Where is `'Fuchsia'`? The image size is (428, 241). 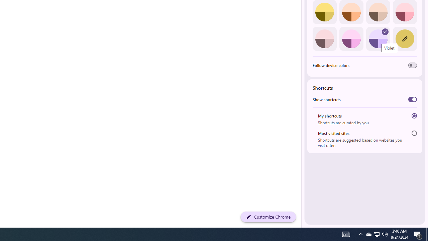
'Fuchsia' is located at coordinates (351, 38).